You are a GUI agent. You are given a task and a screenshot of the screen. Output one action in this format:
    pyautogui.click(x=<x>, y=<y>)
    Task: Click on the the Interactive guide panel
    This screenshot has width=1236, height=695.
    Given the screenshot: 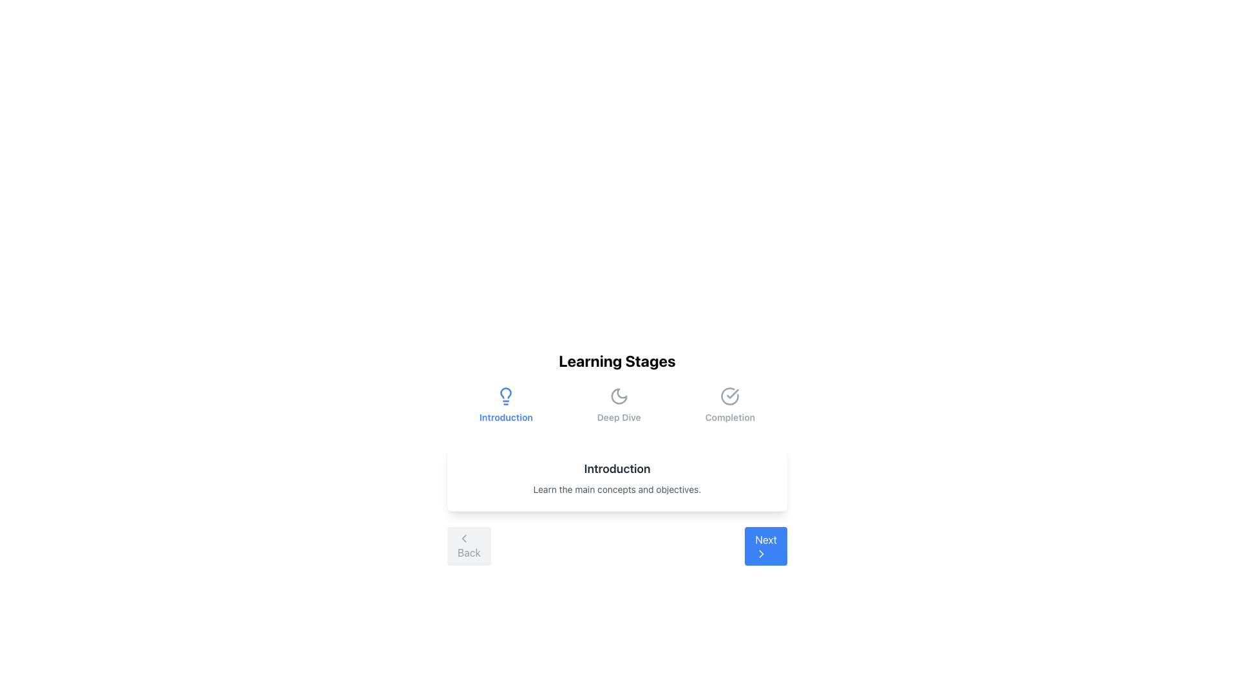 What is the action you would take?
    pyautogui.click(x=617, y=458)
    